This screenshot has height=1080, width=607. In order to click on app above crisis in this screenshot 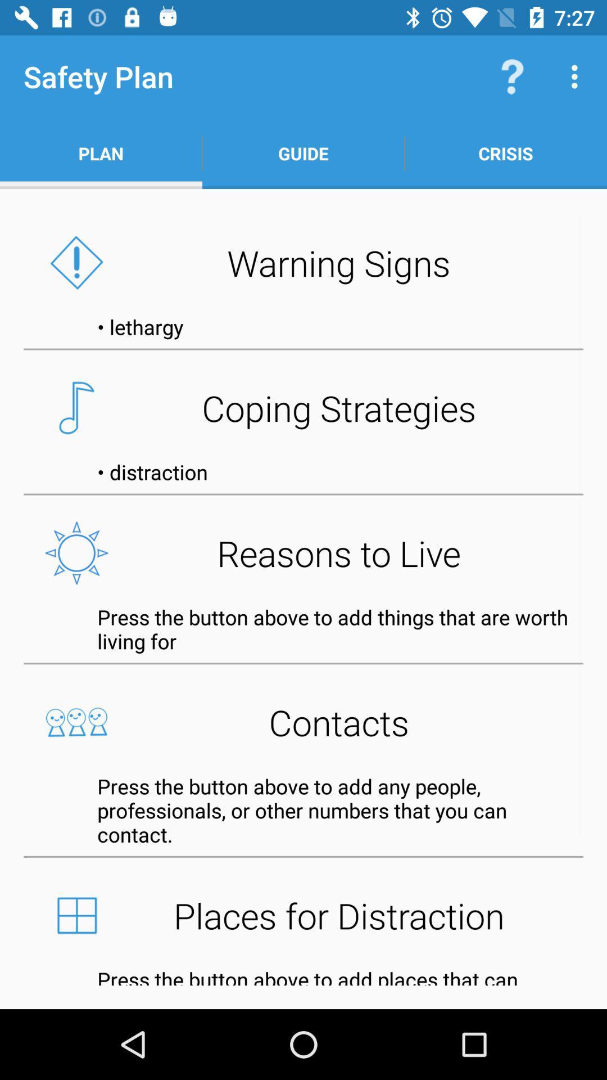, I will do `click(577, 76)`.